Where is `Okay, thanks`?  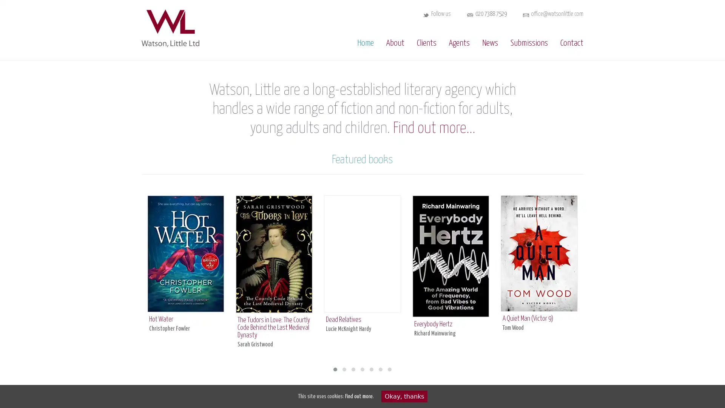
Okay, thanks is located at coordinates (404, 396).